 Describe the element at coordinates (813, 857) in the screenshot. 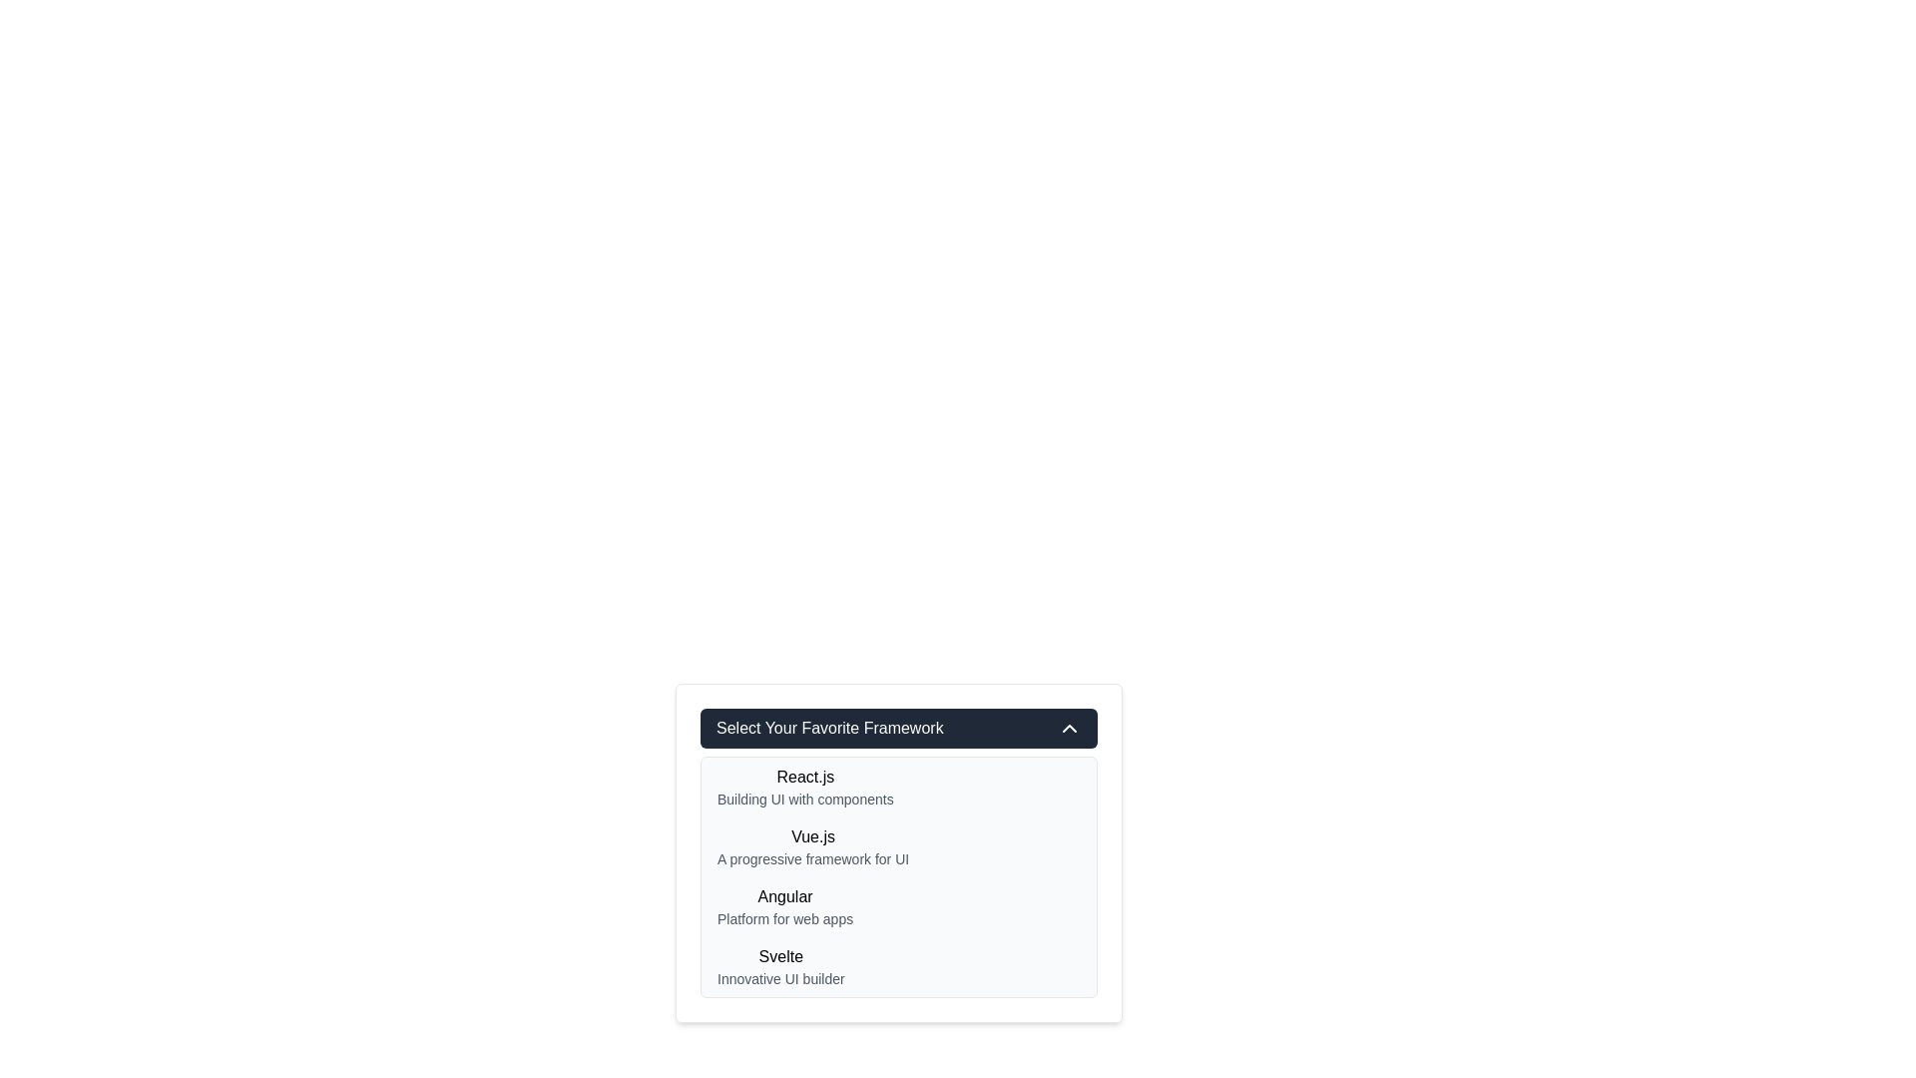

I see `the text label providing supplementary information about the 'Vue.js' heading, located under the 'Select Your Favorite Framework' dropdown, positioned as the second subtext element` at that location.